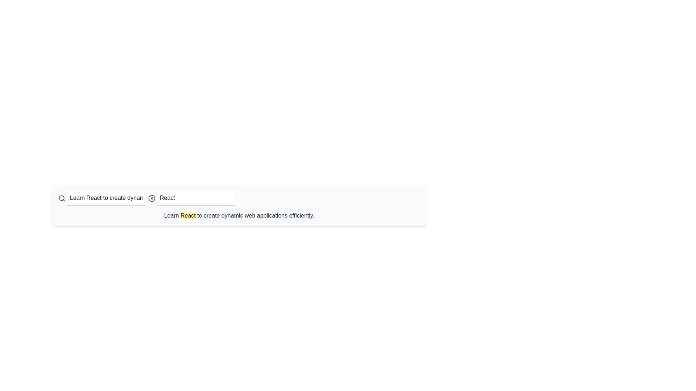 Image resolution: width=696 pixels, height=391 pixels. What do you see at coordinates (62, 198) in the screenshot?
I see `the decorative Circle element that symbolizes the search function, located within the SVG of the search bar layout` at bounding box center [62, 198].